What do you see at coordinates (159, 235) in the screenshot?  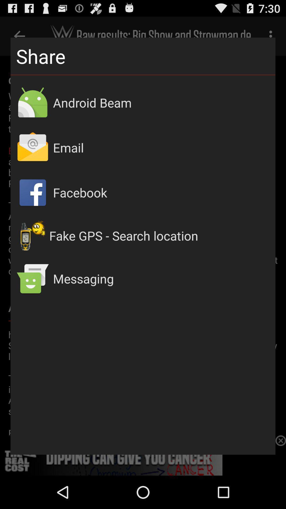 I see `the fake gps search app` at bounding box center [159, 235].